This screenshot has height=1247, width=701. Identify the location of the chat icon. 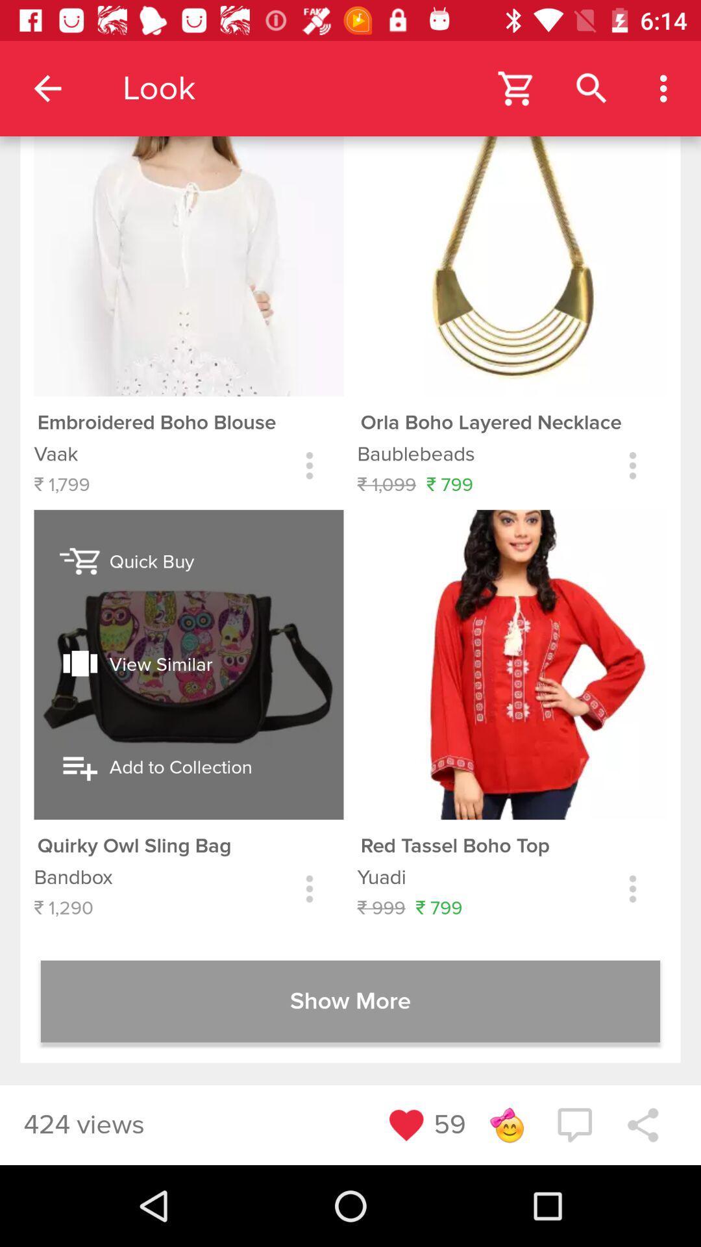
(574, 1124).